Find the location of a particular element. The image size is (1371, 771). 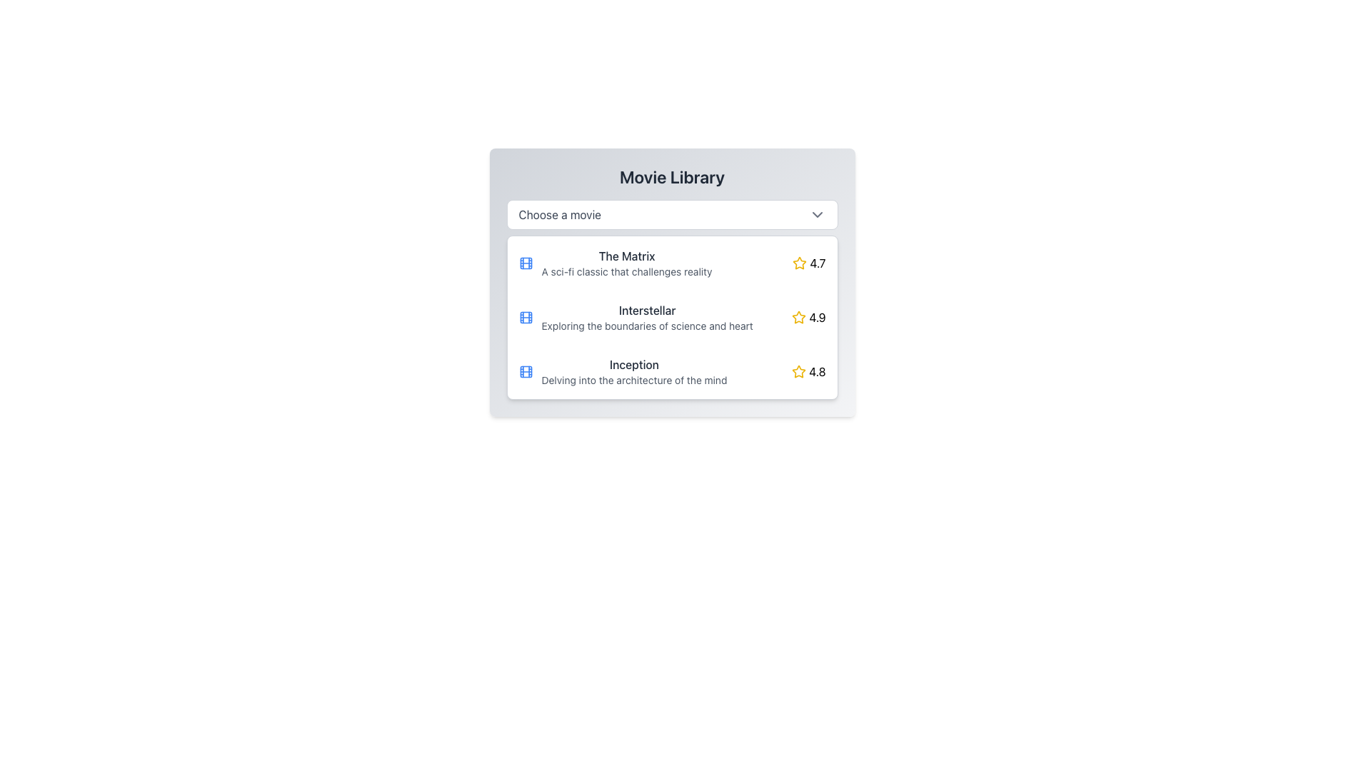

the clickable list item describing the movie 'Inception' is located at coordinates (671, 371).